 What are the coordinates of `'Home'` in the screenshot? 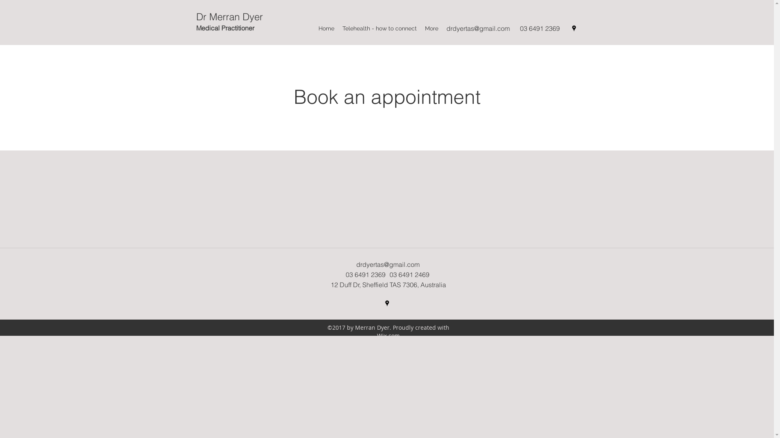 It's located at (326, 28).